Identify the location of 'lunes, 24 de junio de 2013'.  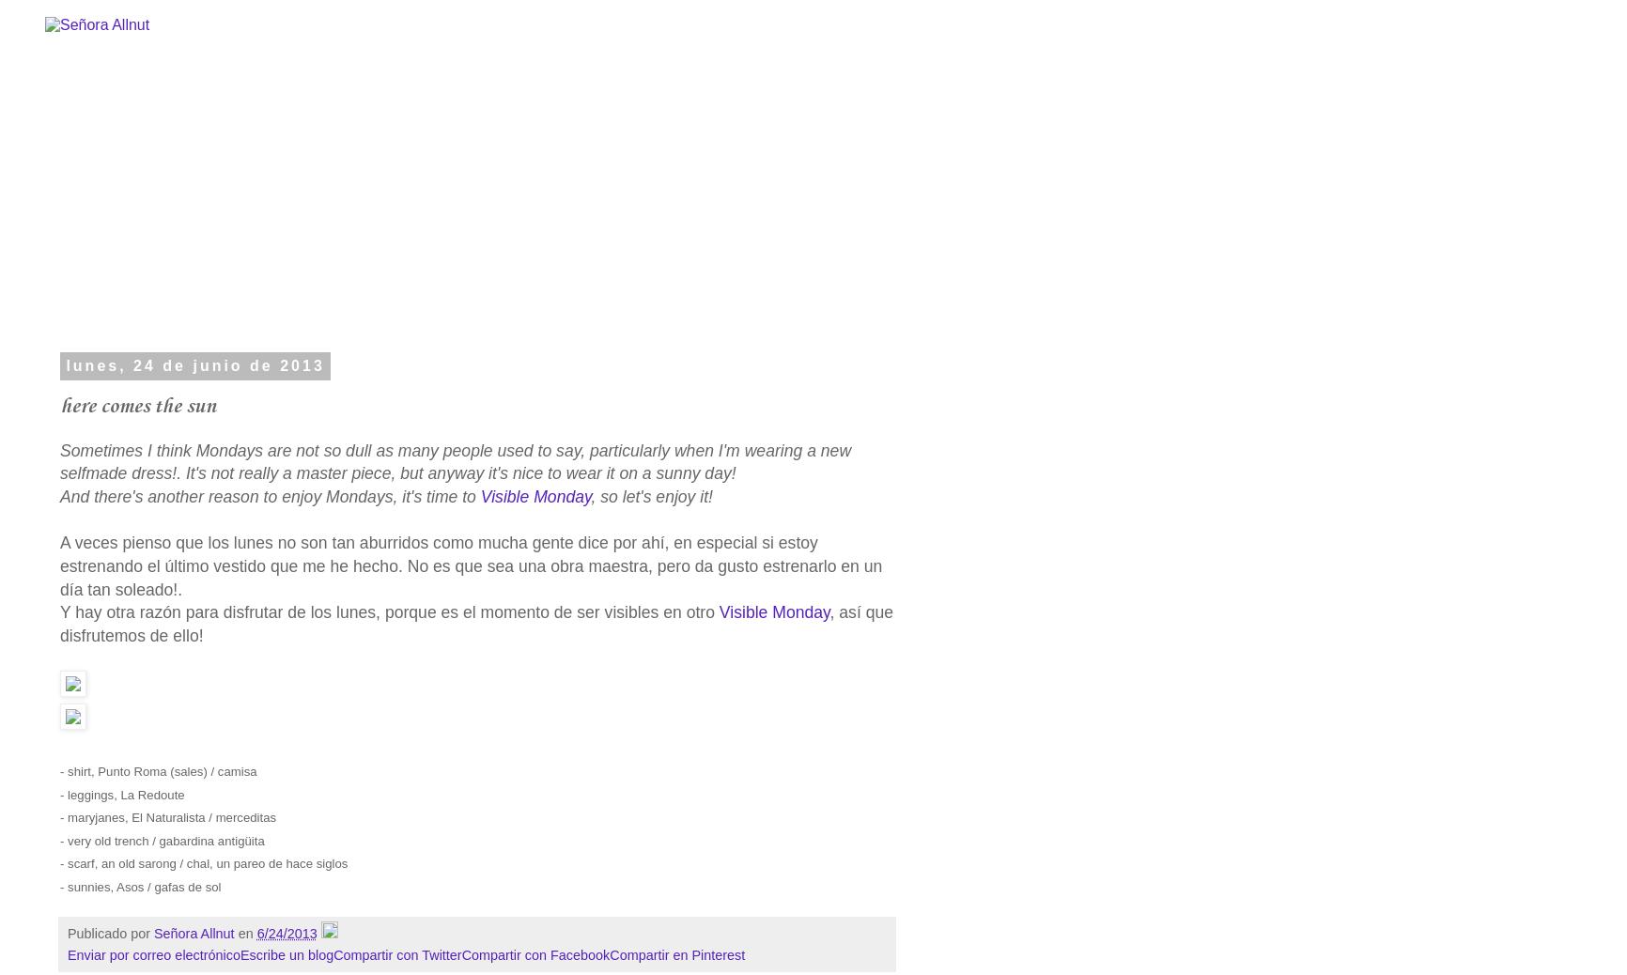
(194, 365).